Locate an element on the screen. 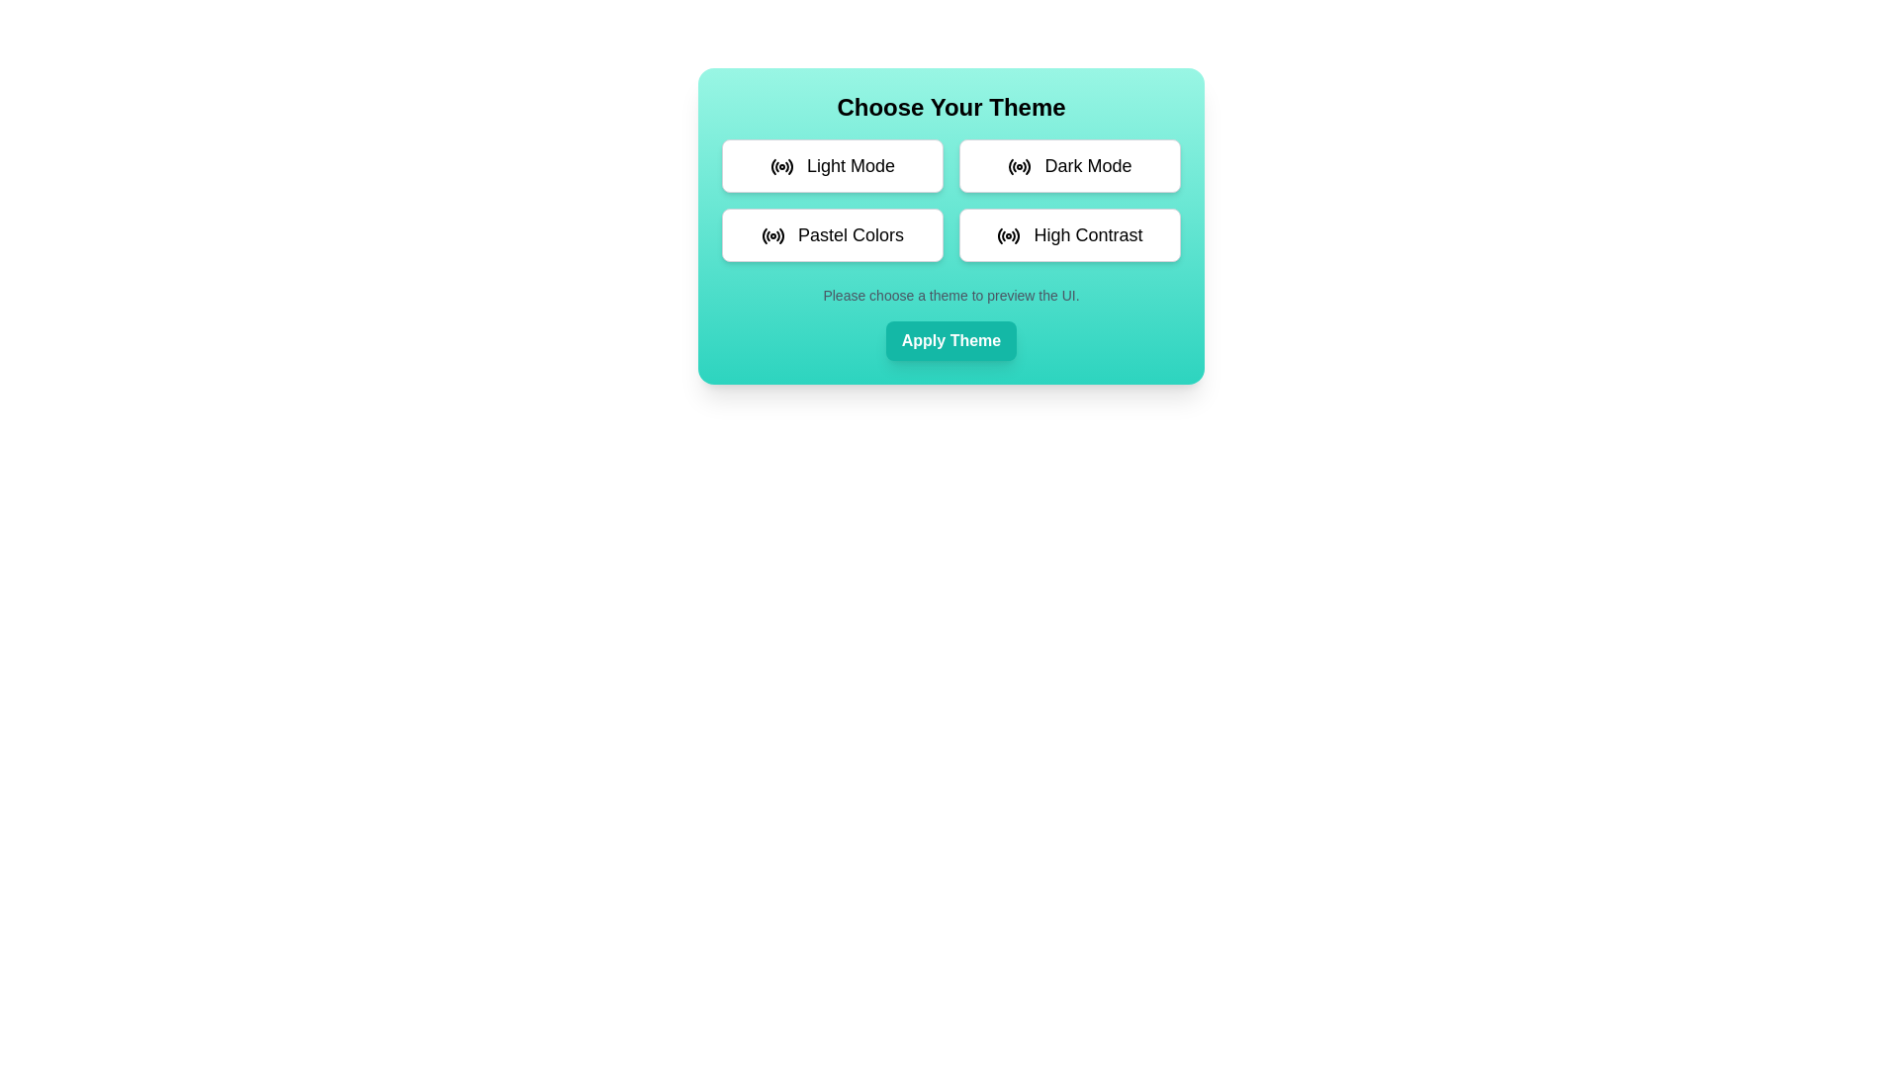 The width and height of the screenshot is (1899, 1068). the 'Apply Theme' button located below the theme options in the centered panel is located at coordinates (950, 339).